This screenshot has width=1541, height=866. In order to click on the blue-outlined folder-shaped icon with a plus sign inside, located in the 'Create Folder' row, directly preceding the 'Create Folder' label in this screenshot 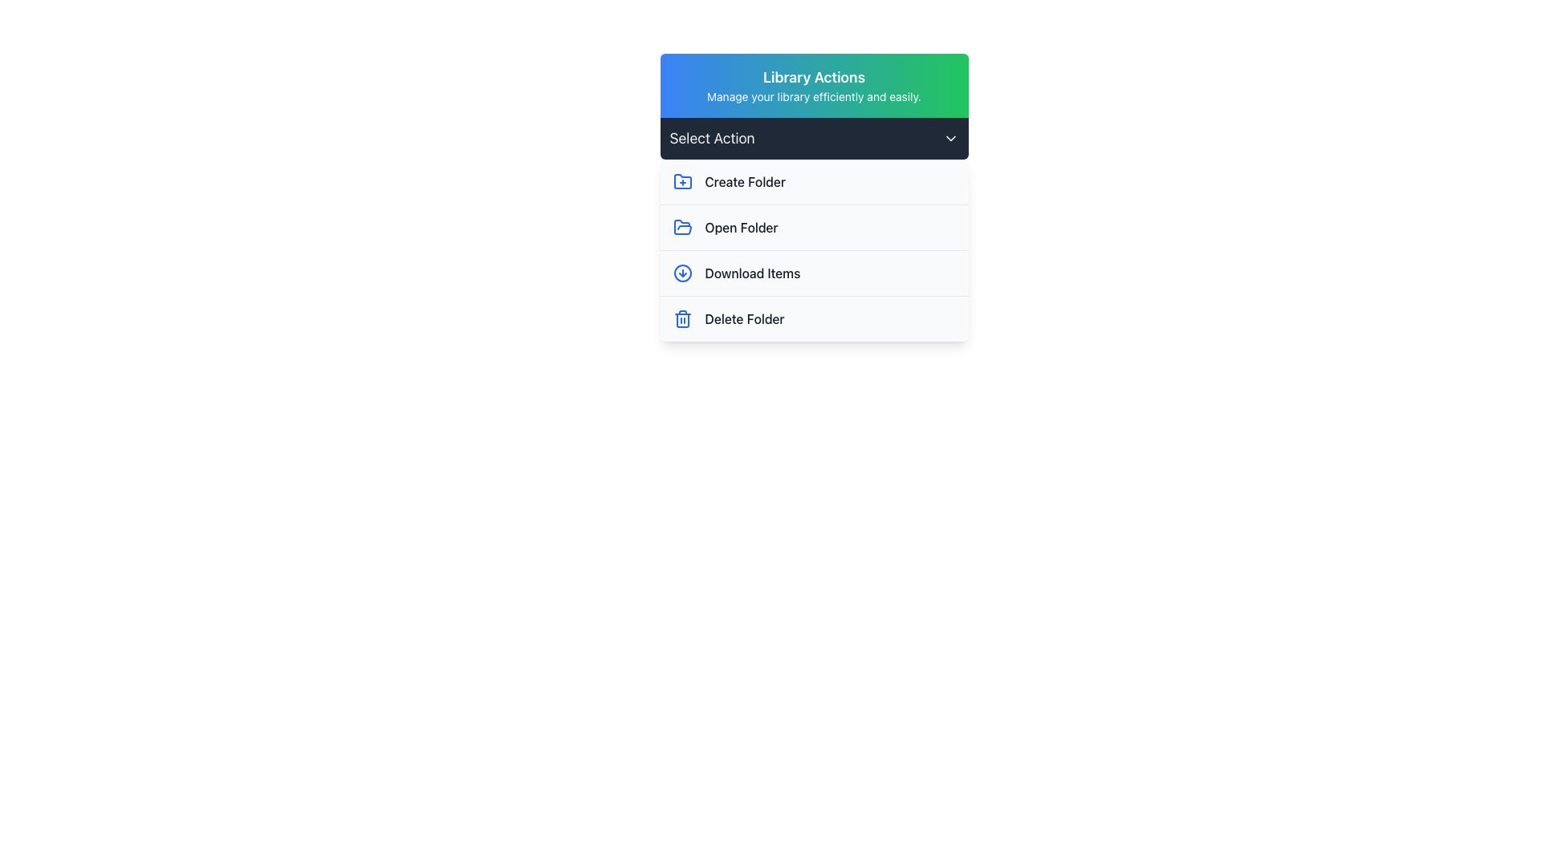, I will do `click(682, 181)`.